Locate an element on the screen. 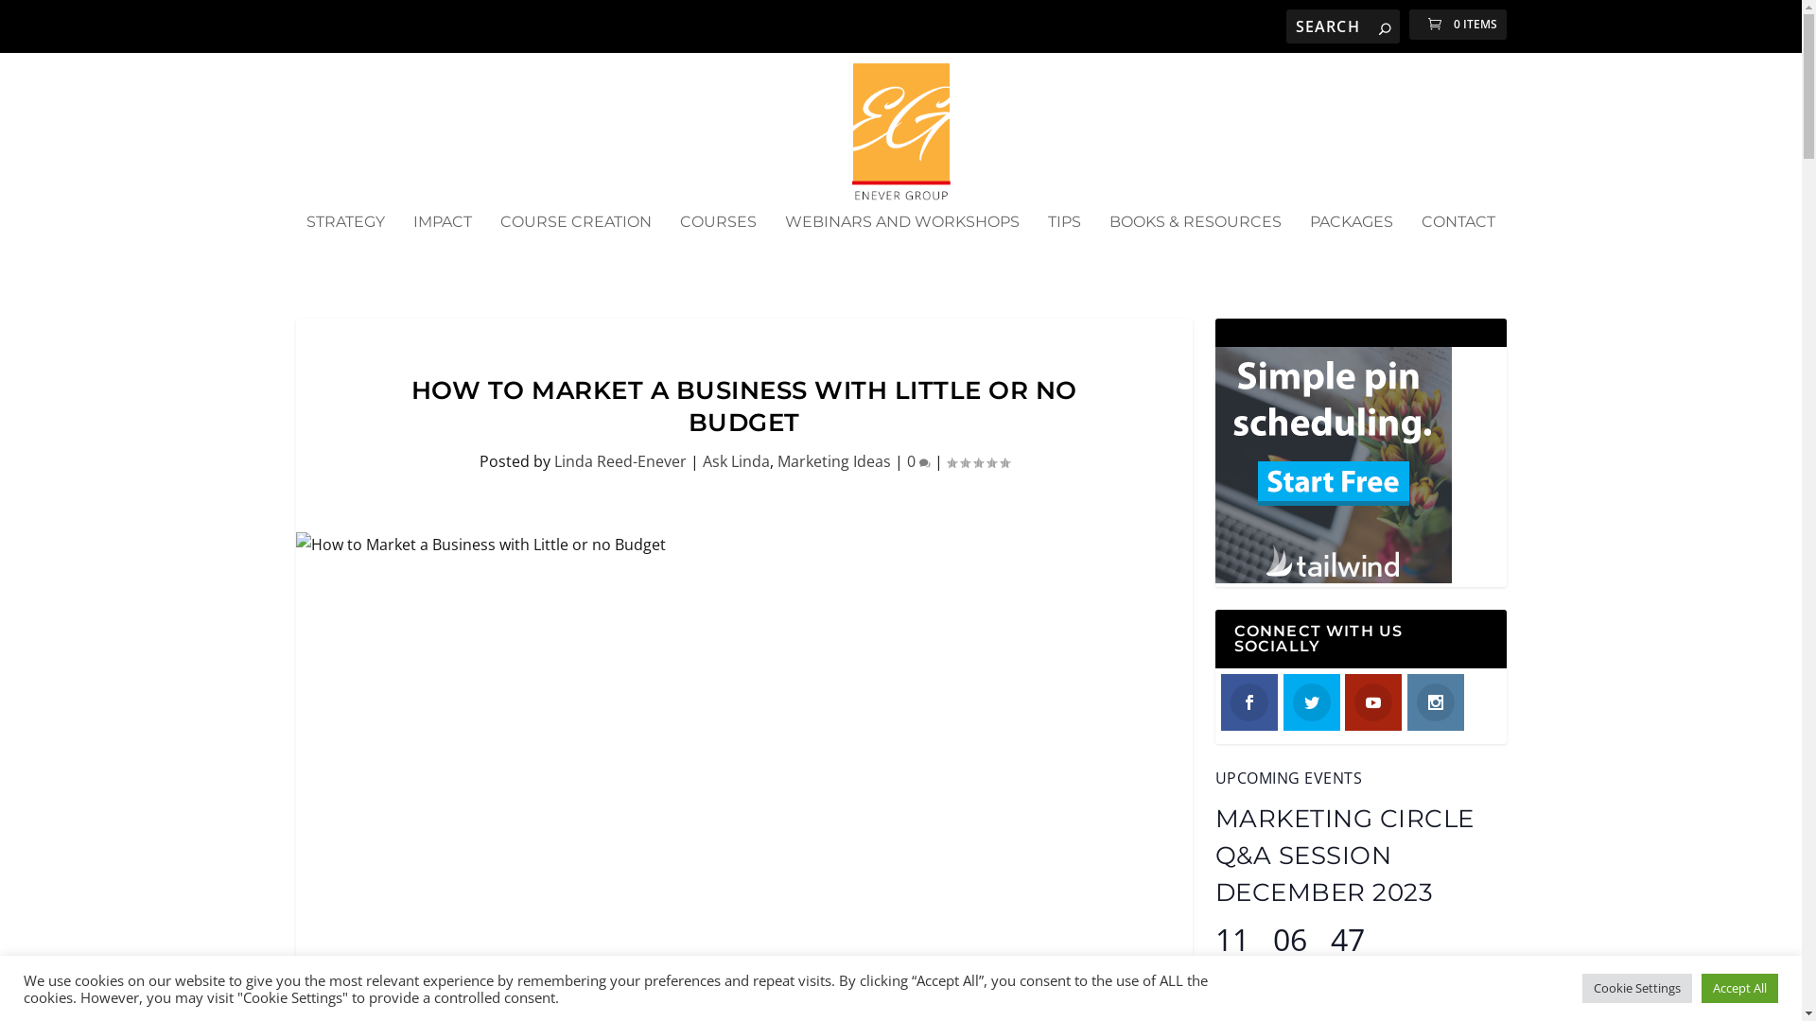 The image size is (1816, 1021). '0' is located at coordinates (917, 461).